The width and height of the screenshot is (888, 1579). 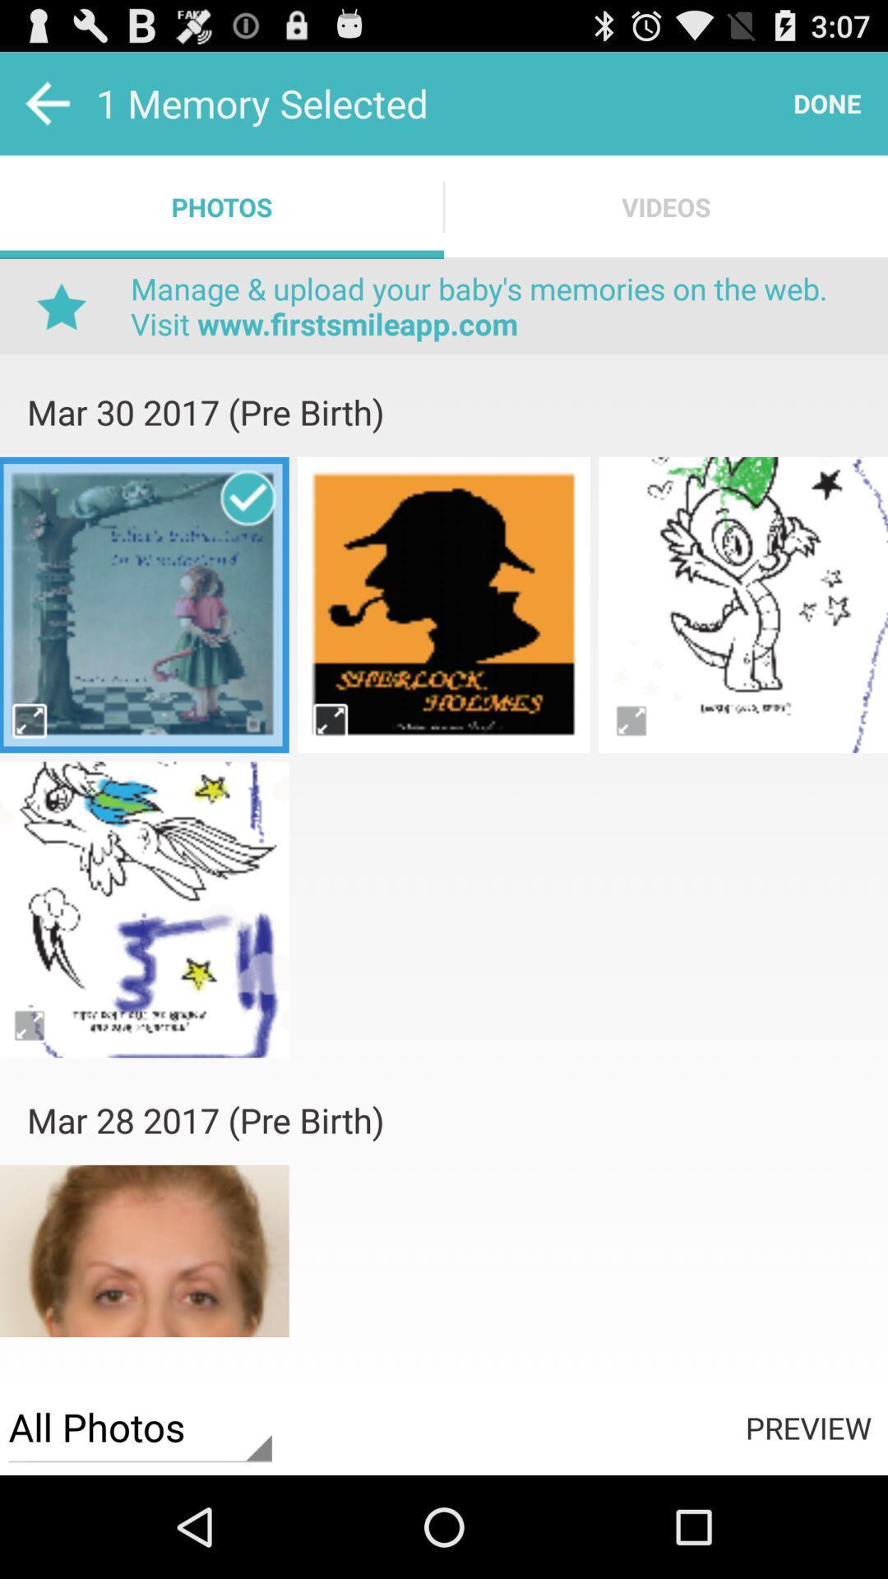 What do you see at coordinates (30, 1024) in the screenshot?
I see `photos page` at bounding box center [30, 1024].